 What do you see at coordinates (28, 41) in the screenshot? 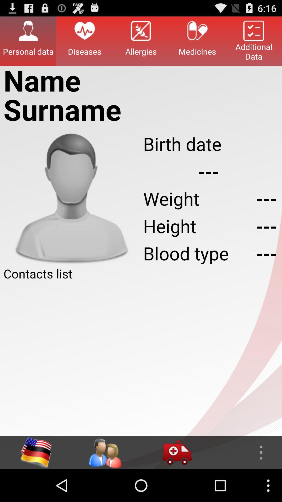
I see `item next to diseases item` at bounding box center [28, 41].